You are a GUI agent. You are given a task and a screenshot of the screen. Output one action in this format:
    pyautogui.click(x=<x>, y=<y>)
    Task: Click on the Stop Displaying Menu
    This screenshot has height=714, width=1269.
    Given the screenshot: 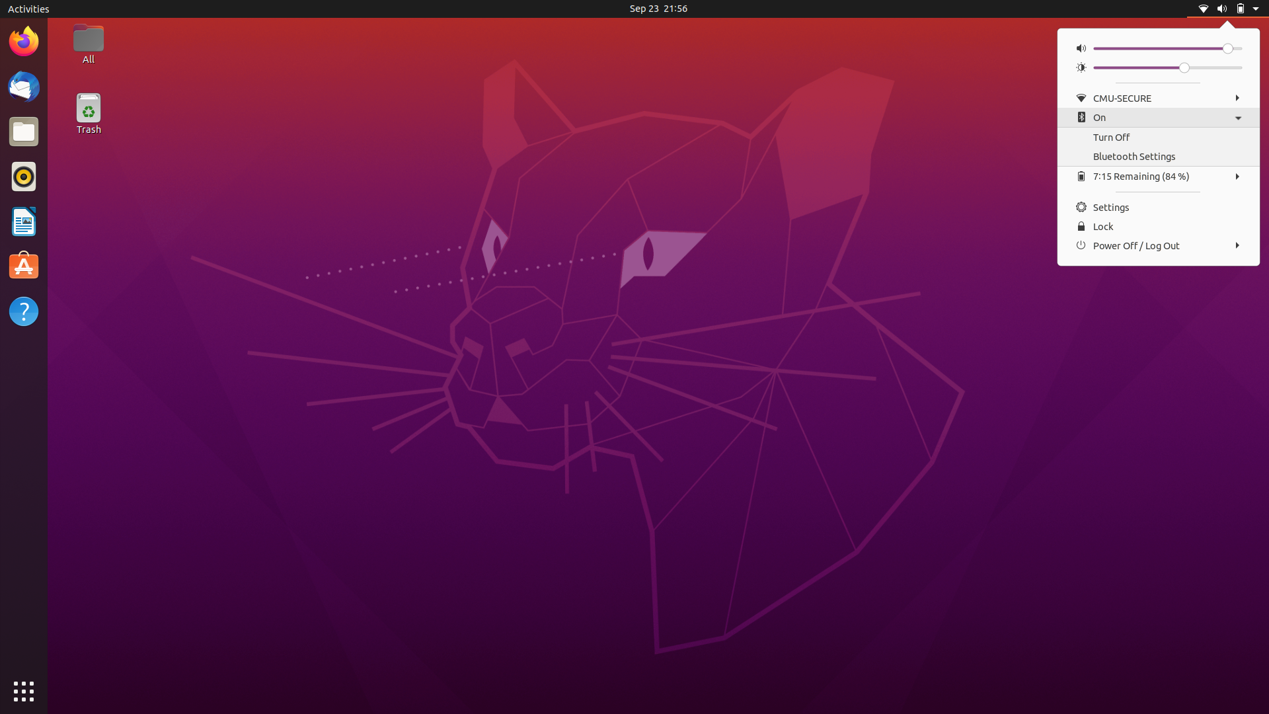 What is the action you would take?
    pyautogui.click(x=1226, y=9)
    